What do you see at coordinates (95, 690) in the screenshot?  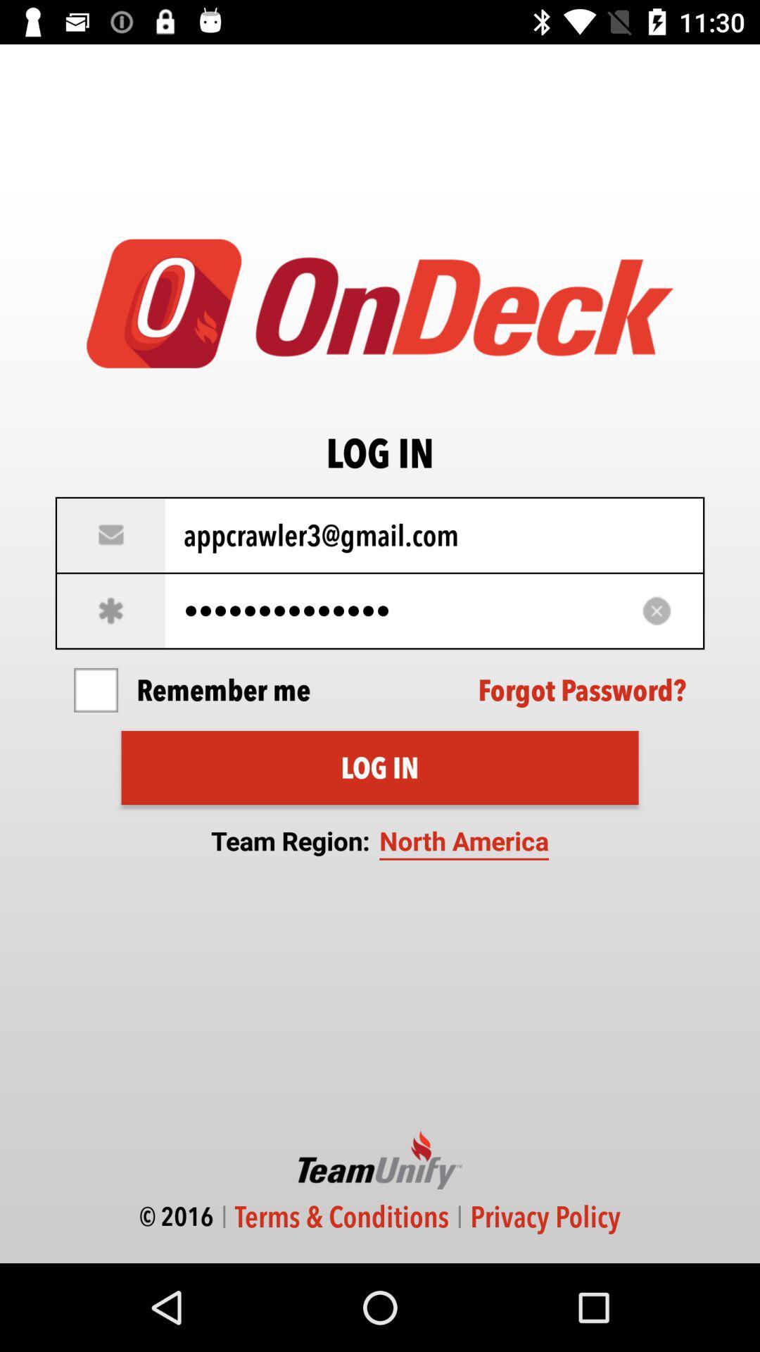 I see `the item on the left` at bounding box center [95, 690].